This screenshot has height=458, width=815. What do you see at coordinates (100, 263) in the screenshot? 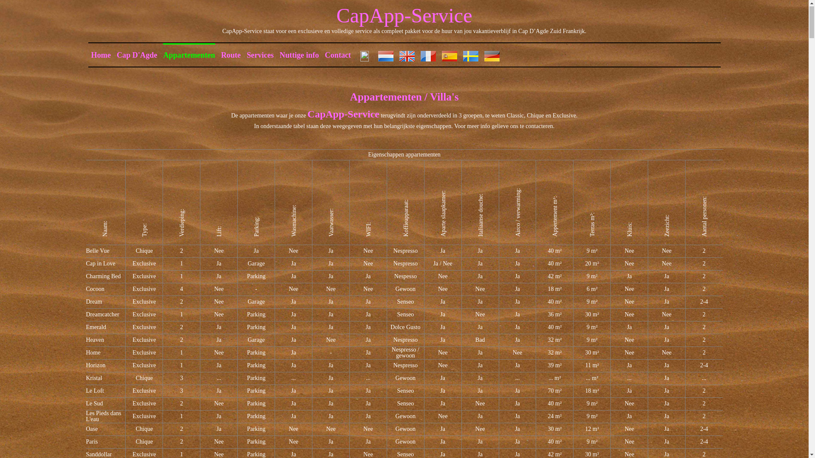
I see `'Cap in Love'` at bounding box center [100, 263].